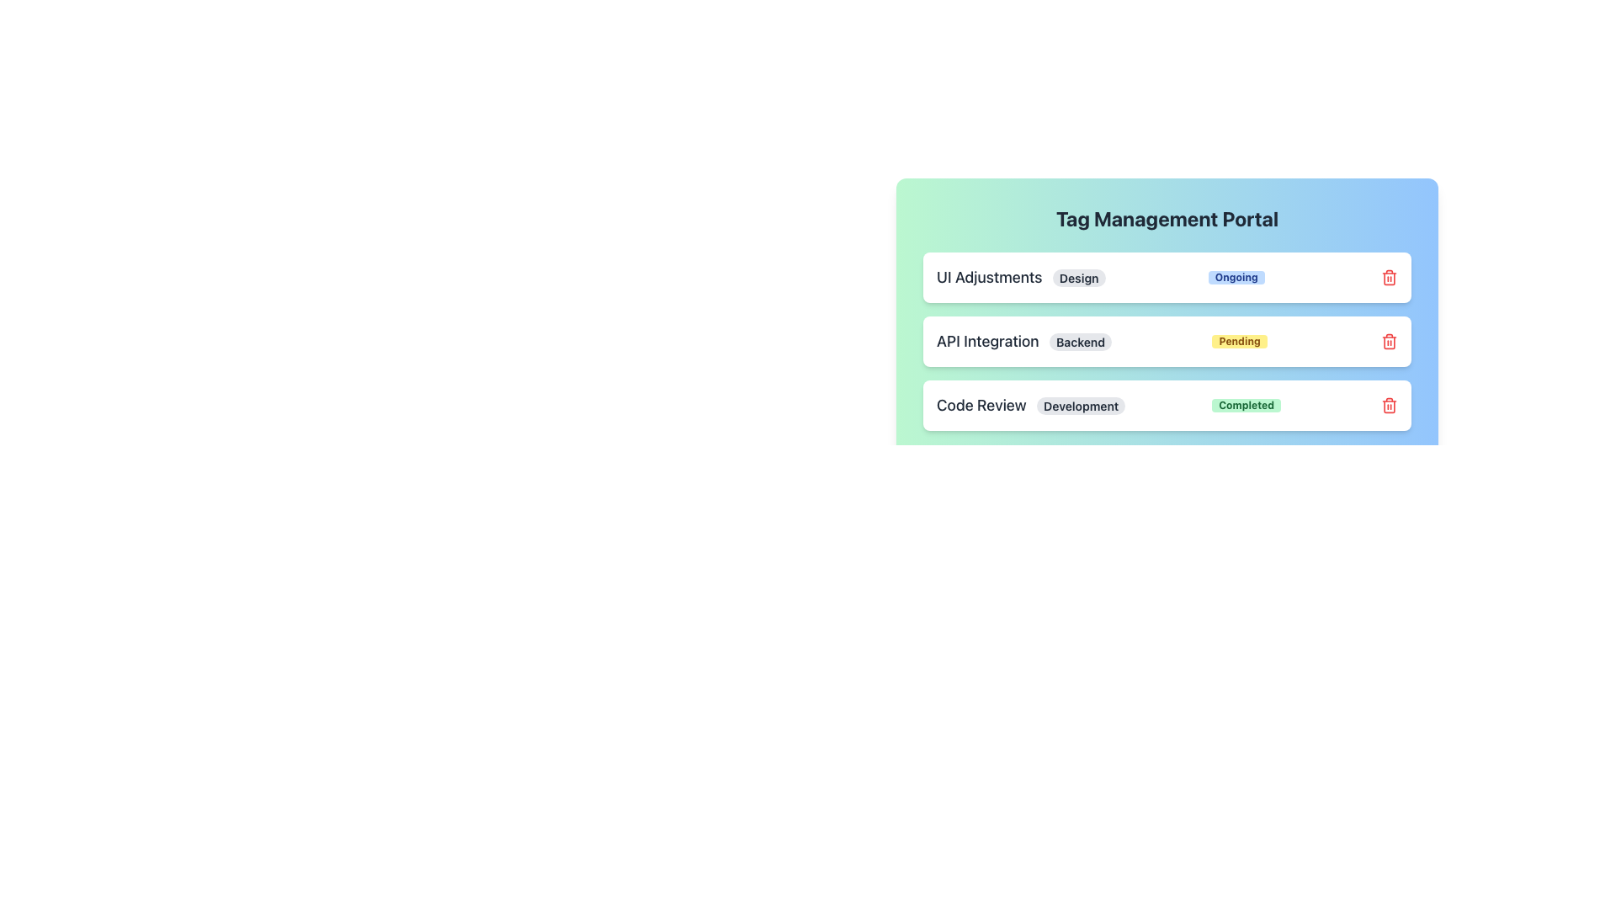 The image size is (1616, 909). What do you see at coordinates (1247, 406) in the screenshot?
I see `the Status Indicator Label, which is a small rectangular label with a green background displaying the text 'Completed', located at the rightmost side of the 'Code Review Development' card` at bounding box center [1247, 406].